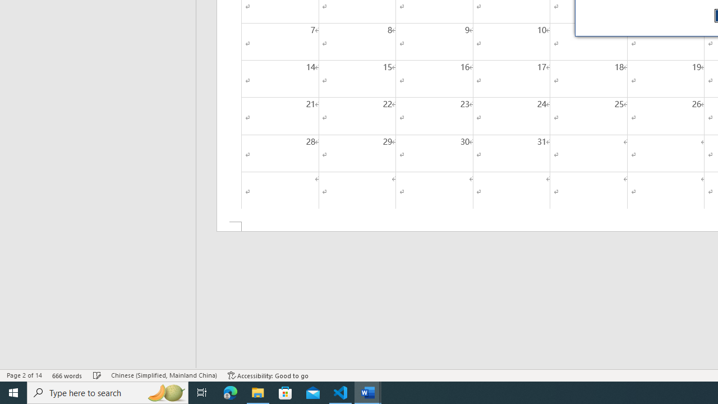 The image size is (718, 404). I want to click on 'Task View', so click(201, 392).